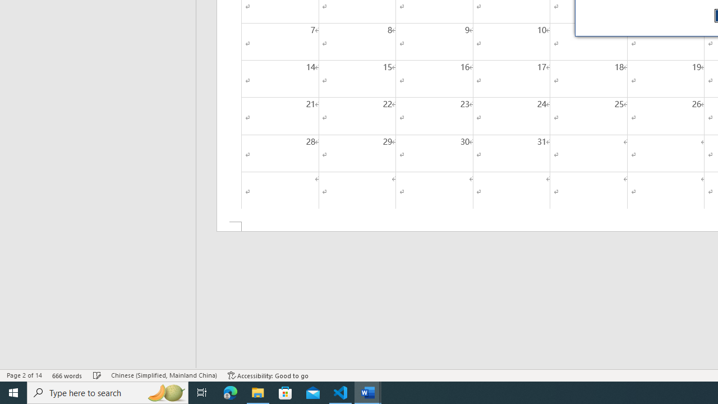 The image size is (718, 404). I want to click on 'Task View', so click(201, 392).